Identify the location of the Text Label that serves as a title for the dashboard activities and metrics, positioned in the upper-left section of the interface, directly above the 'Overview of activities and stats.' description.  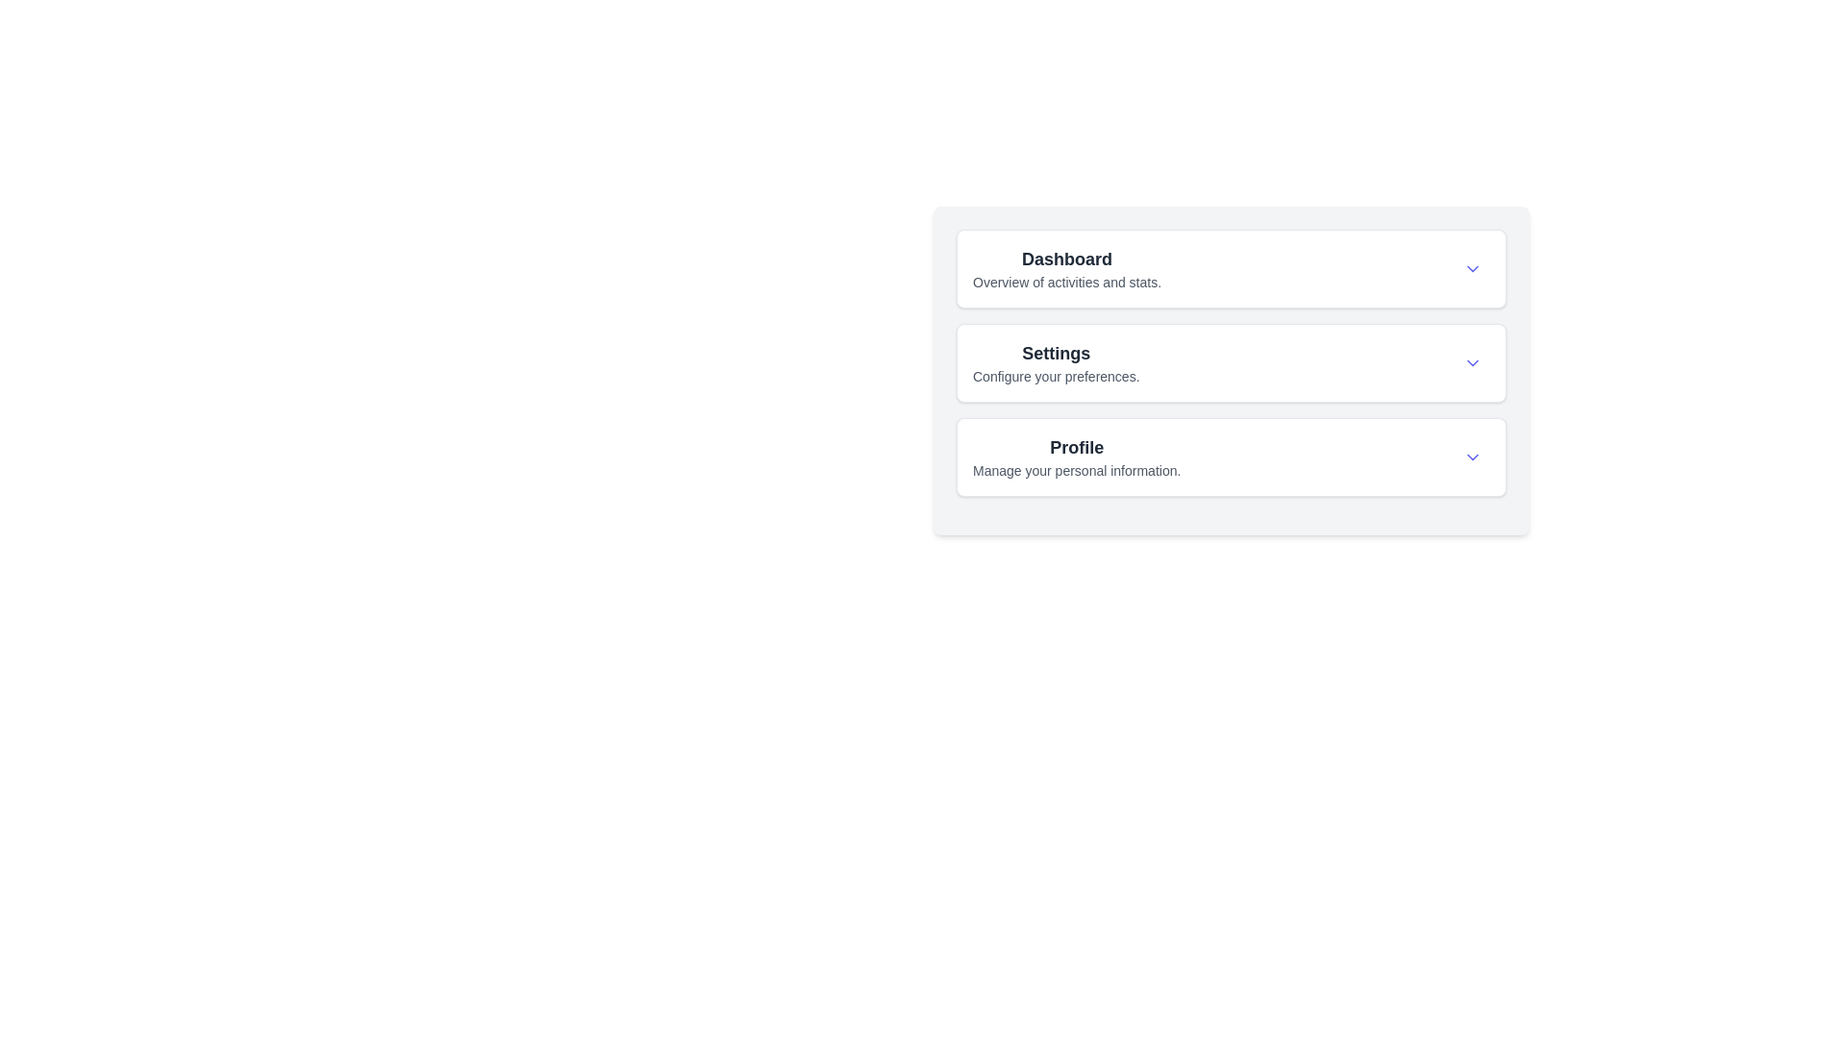
(1065, 259).